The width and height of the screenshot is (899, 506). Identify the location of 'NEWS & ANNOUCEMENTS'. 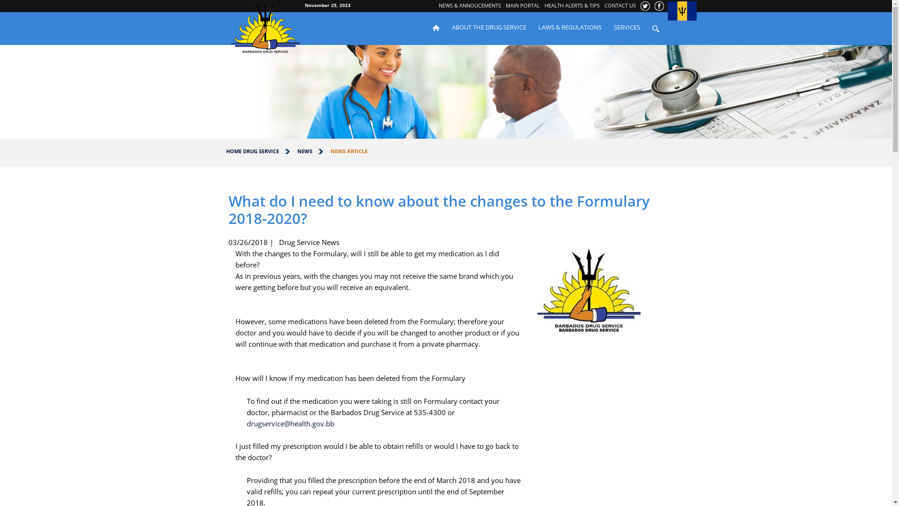
(470, 5).